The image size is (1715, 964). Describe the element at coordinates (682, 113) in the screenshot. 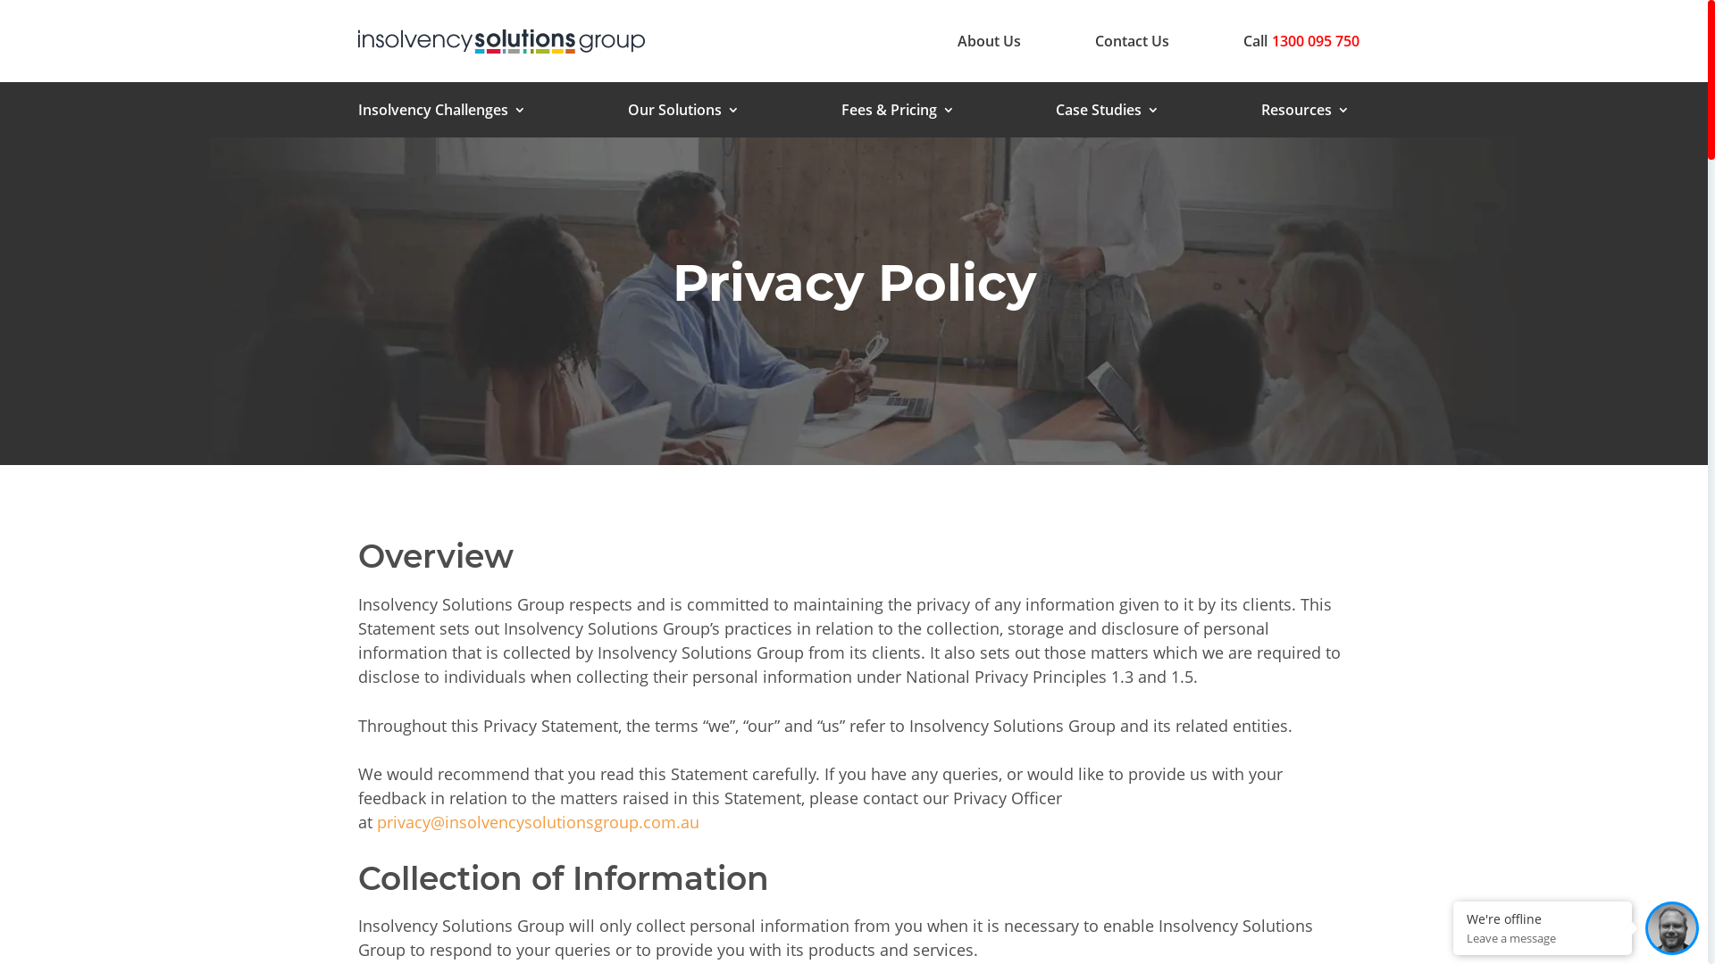

I see `'Our Solutions'` at that location.